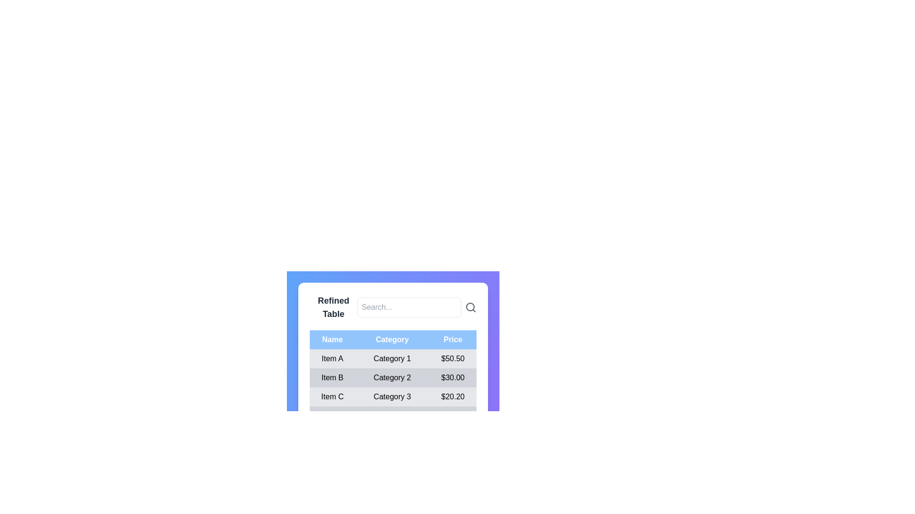 The height and width of the screenshot is (514, 915). What do you see at coordinates (392, 358) in the screenshot?
I see `the text cell displaying 'Category 1' in the first row of the table, which is styled with a light background and bold black text` at bounding box center [392, 358].